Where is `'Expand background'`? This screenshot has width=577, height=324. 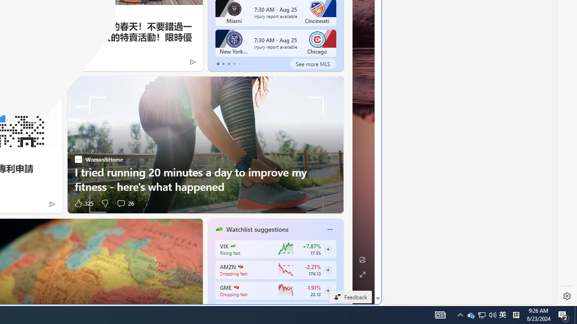
'Expand background' is located at coordinates (362, 274).